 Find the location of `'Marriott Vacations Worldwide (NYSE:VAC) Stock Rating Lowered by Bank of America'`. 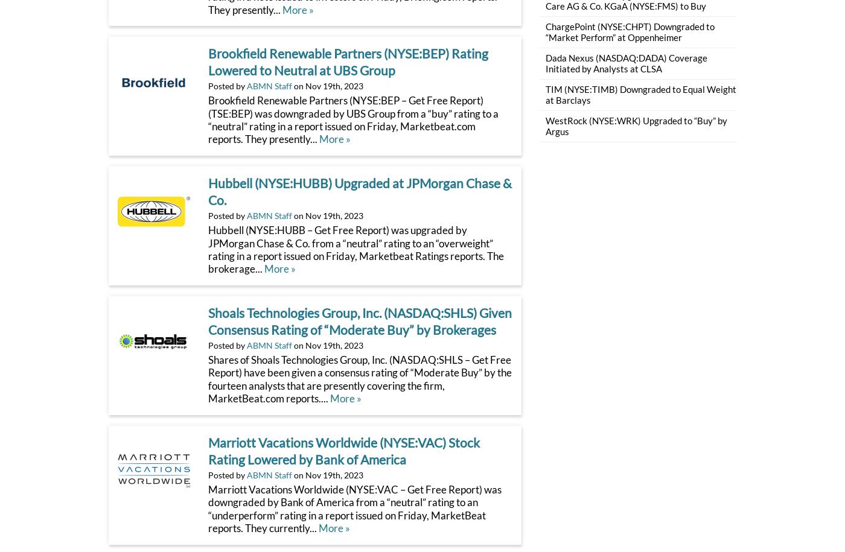

'Marriott Vacations Worldwide (NYSE:VAC) Stock Rating Lowered by Bank of America' is located at coordinates (343, 451).